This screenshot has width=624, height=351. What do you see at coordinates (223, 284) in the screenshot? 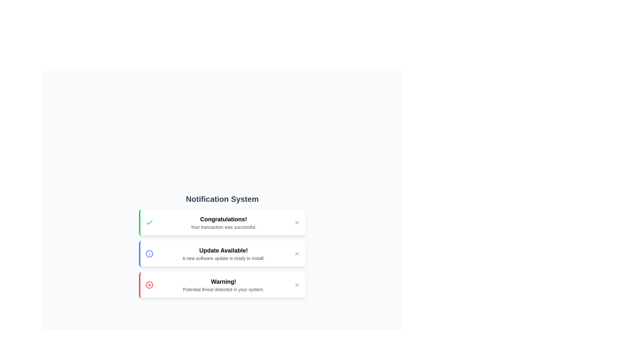
I see `the text display element that prominently shows 'Warning!' in bold, indicating a potential threat detected in the system` at bounding box center [223, 284].